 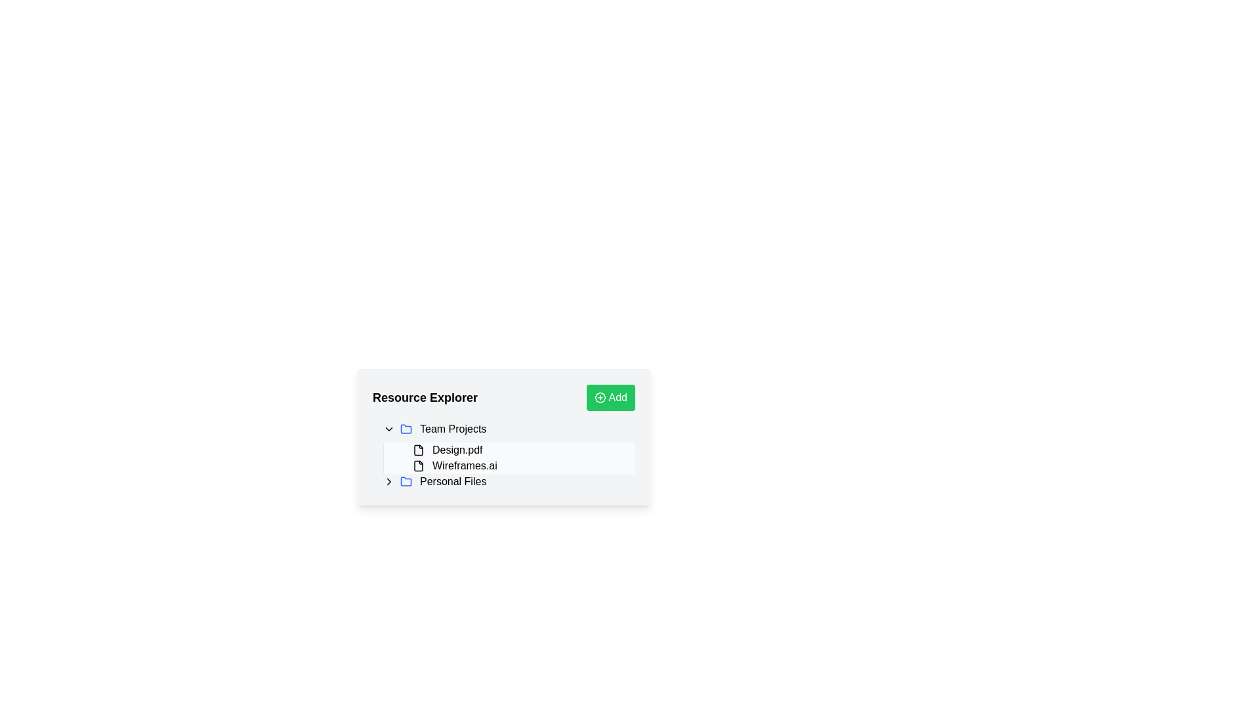 What do you see at coordinates (598, 397) in the screenshot?
I see `the icon located to the left of the 'Add' text within the green rectangular button at the top right of the 'Resource Explorer' panel` at bounding box center [598, 397].